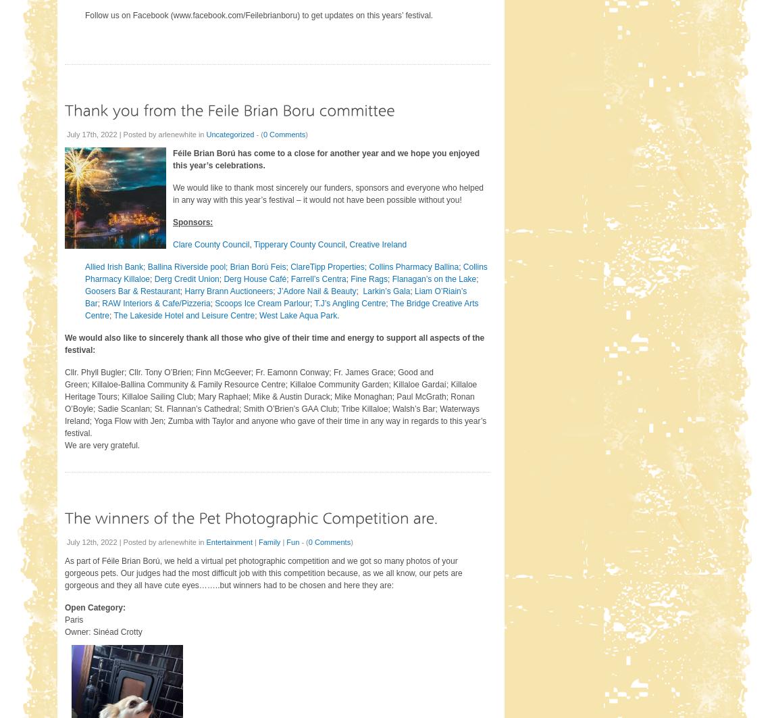  I want to click on 'Fine Rags', so click(350, 279).